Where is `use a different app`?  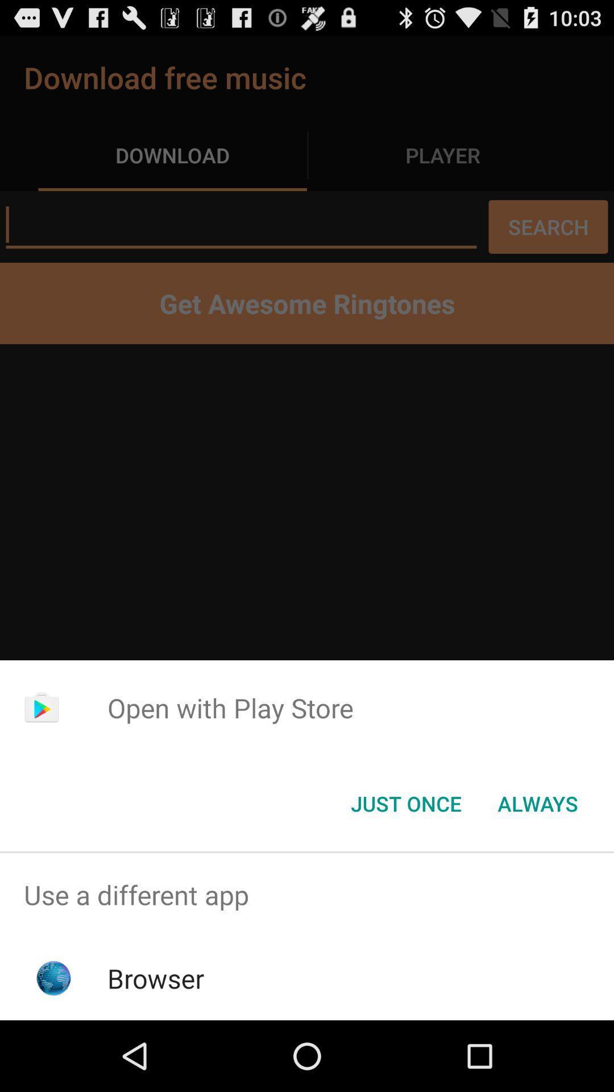 use a different app is located at coordinates (307, 894).